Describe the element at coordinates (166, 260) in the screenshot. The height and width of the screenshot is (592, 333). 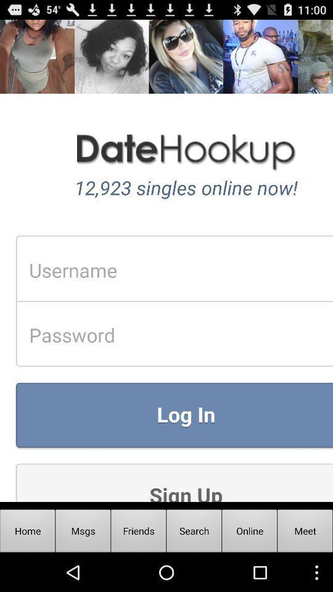
I see `login to the app` at that location.